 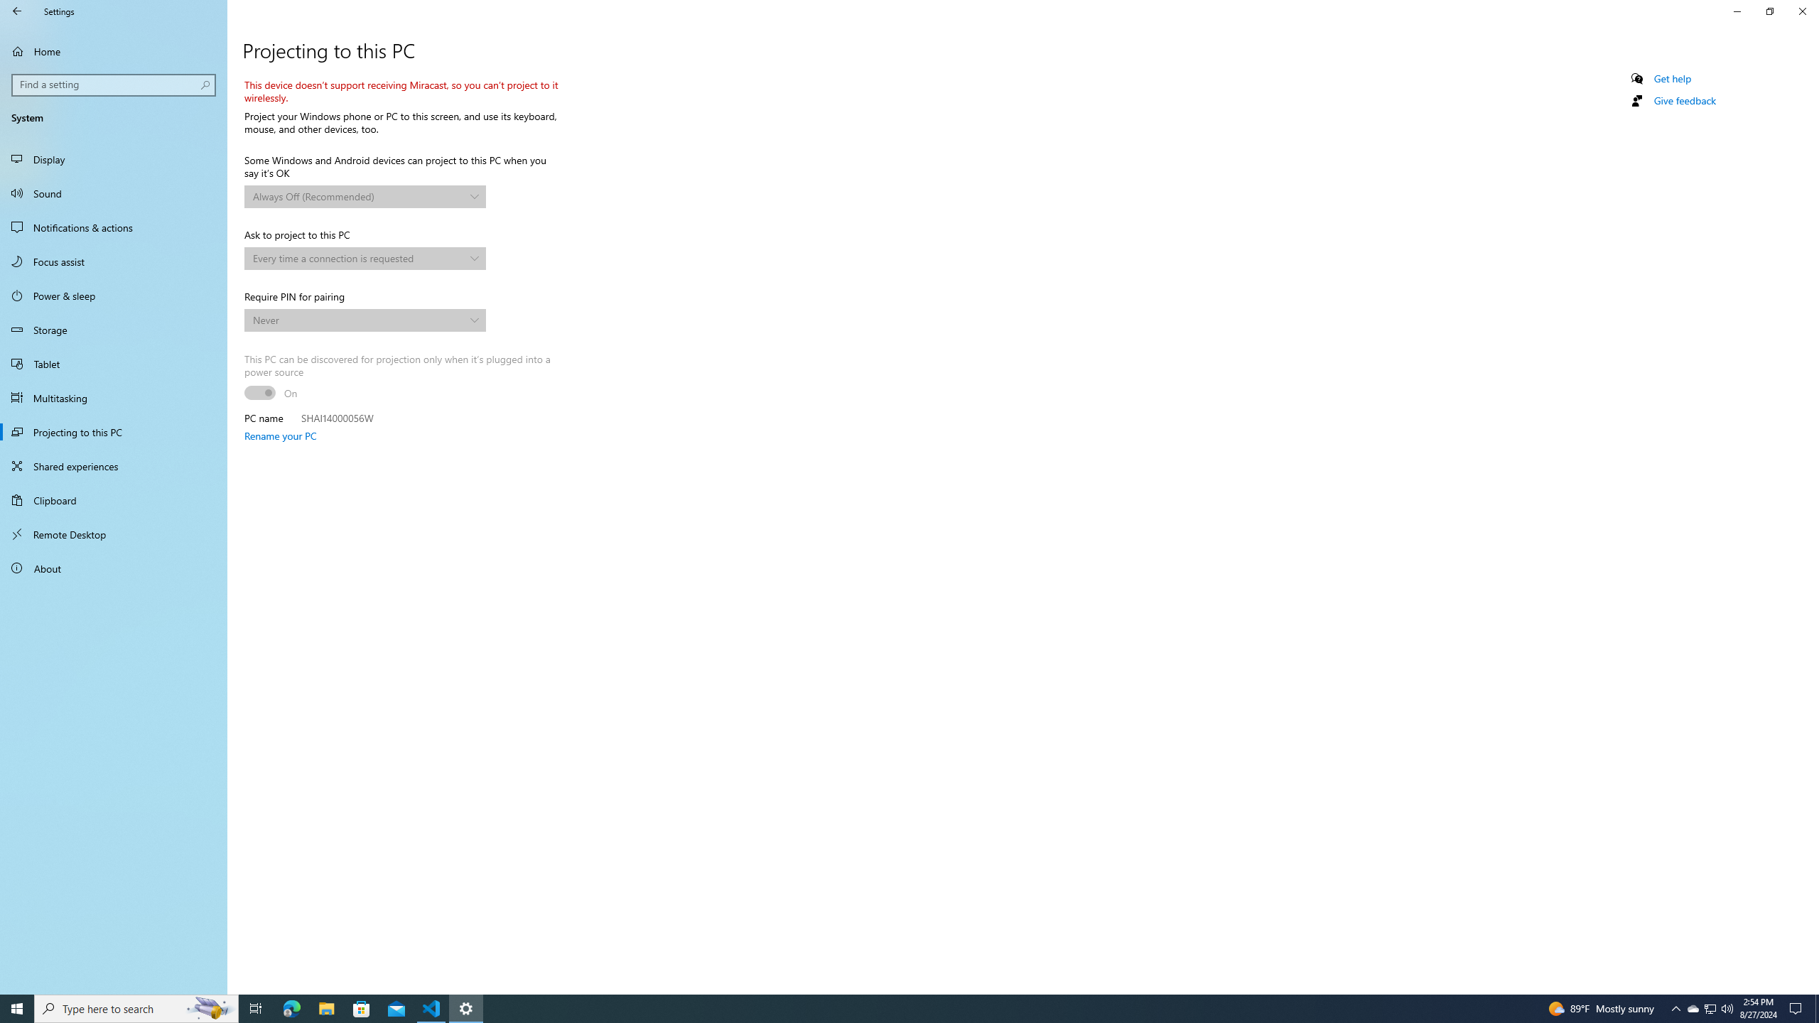 What do you see at coordinates (113, 397) in the screenshot?
I see `'Multitasking'` at bounding box center [113, 397].